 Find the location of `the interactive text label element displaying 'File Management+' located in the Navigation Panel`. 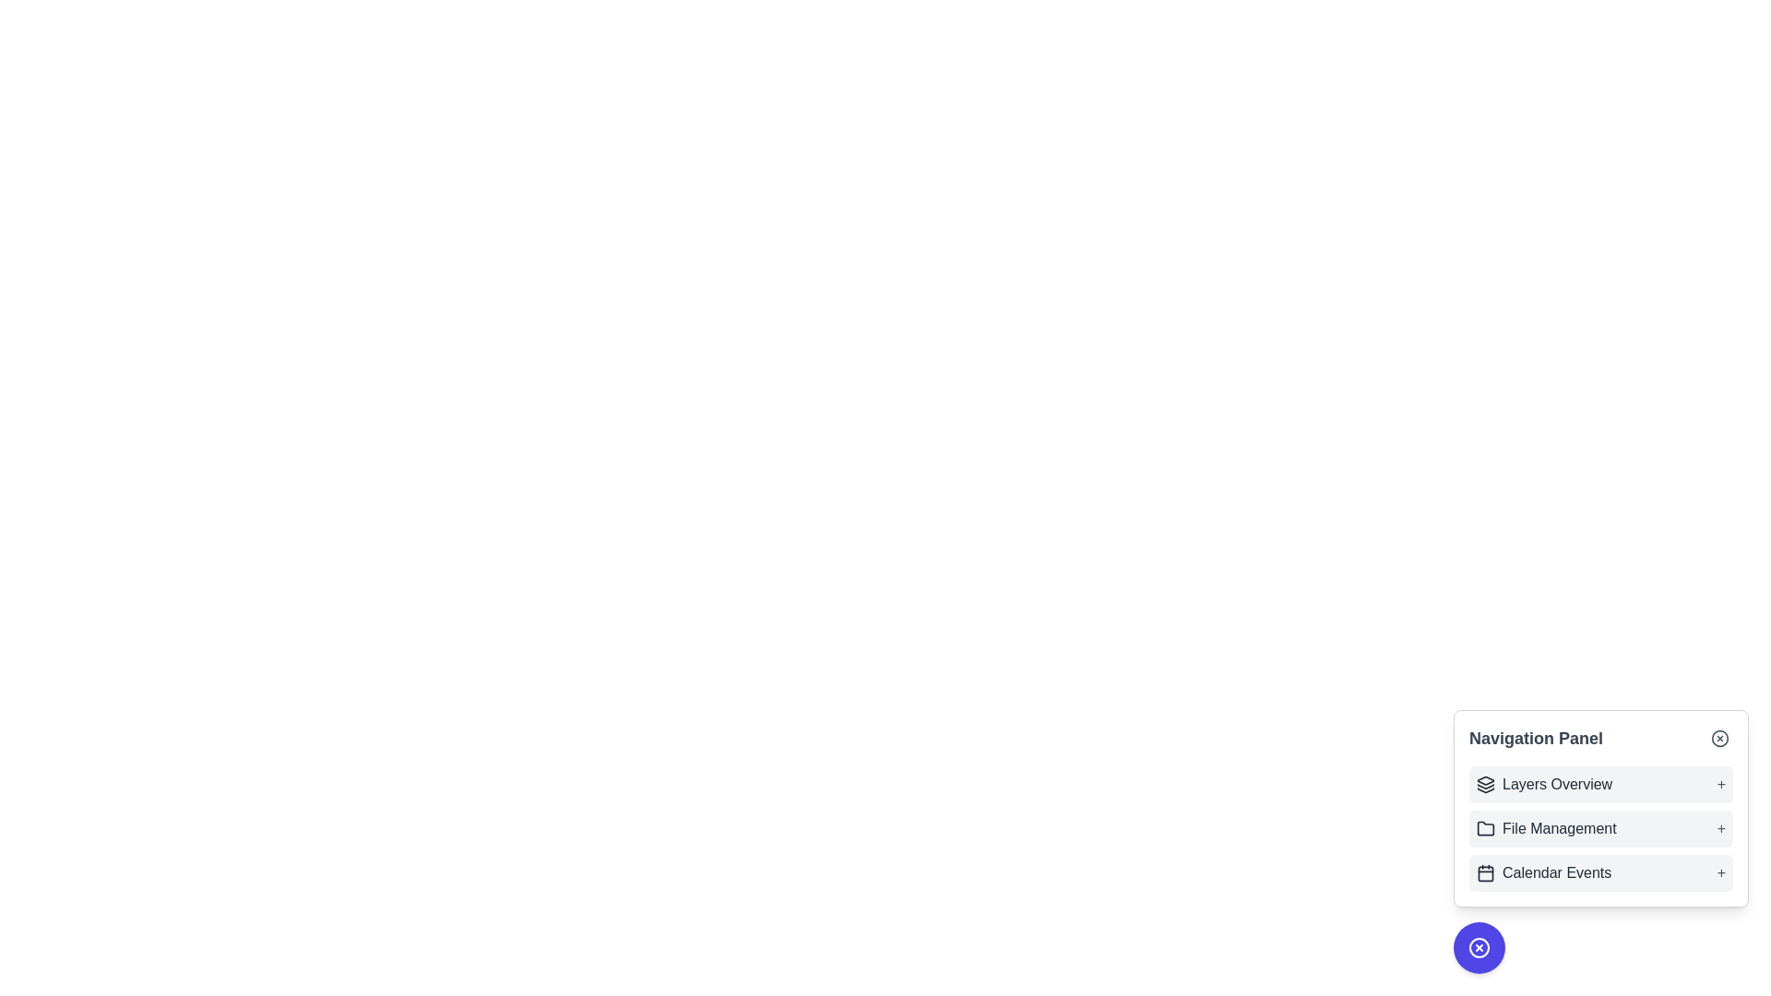

the interactive text label element displaying 'File Management+' located in the Navigation Panel is located at coordinates (1600, 842).